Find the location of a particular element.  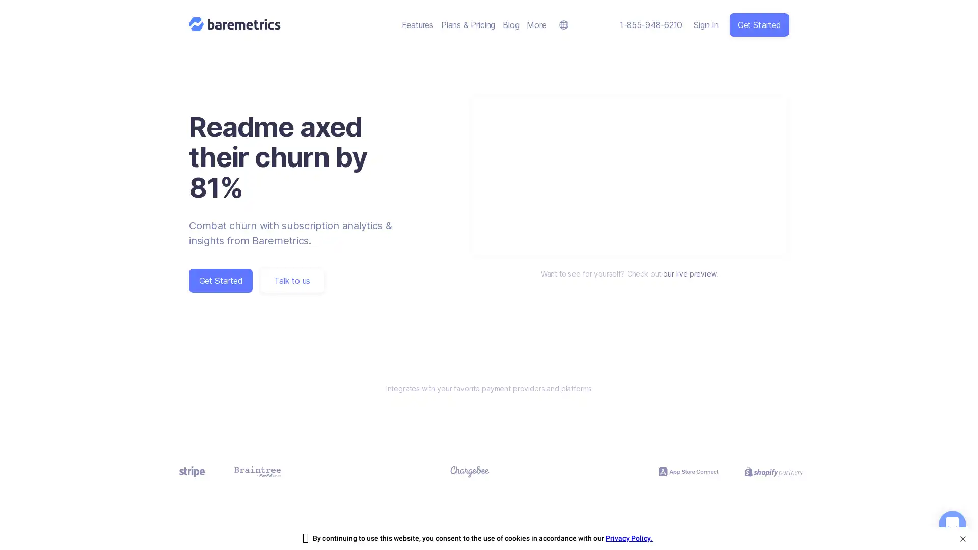

Open Intercom Messenger is located at coordinates (952, 524).